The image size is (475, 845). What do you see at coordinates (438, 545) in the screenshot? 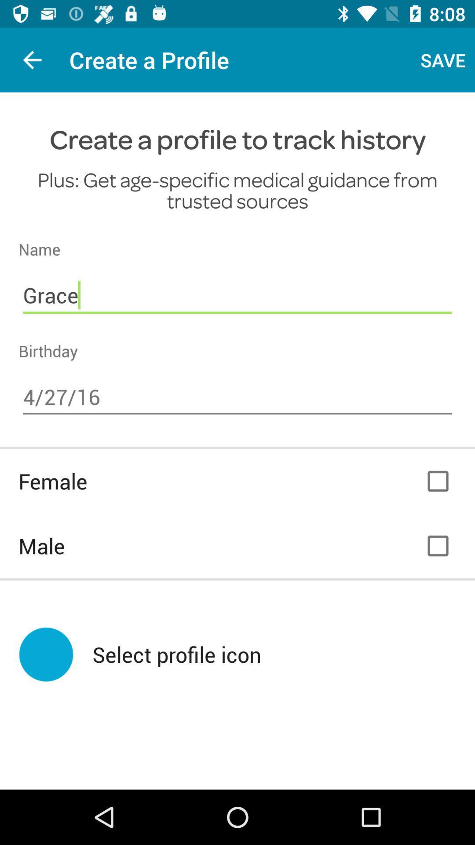
I see `choose male gender` at bounding box center [438, 545].